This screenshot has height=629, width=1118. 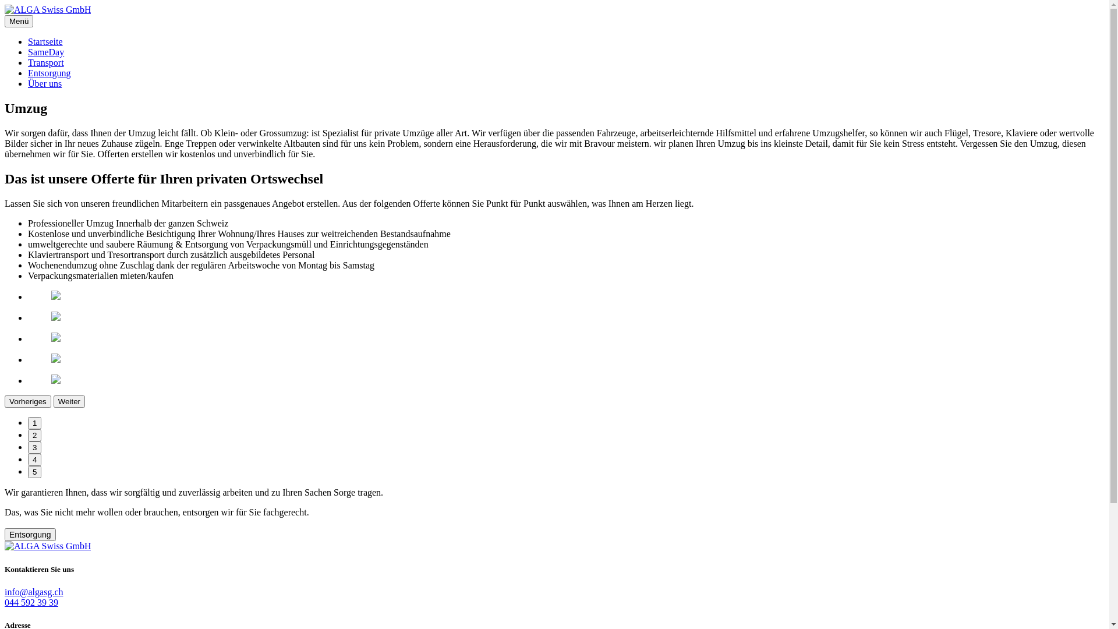 What do you see at coordinates (45, 51) in the screenshot?
I see `'SameDay'` at bounding box center [45, 51].